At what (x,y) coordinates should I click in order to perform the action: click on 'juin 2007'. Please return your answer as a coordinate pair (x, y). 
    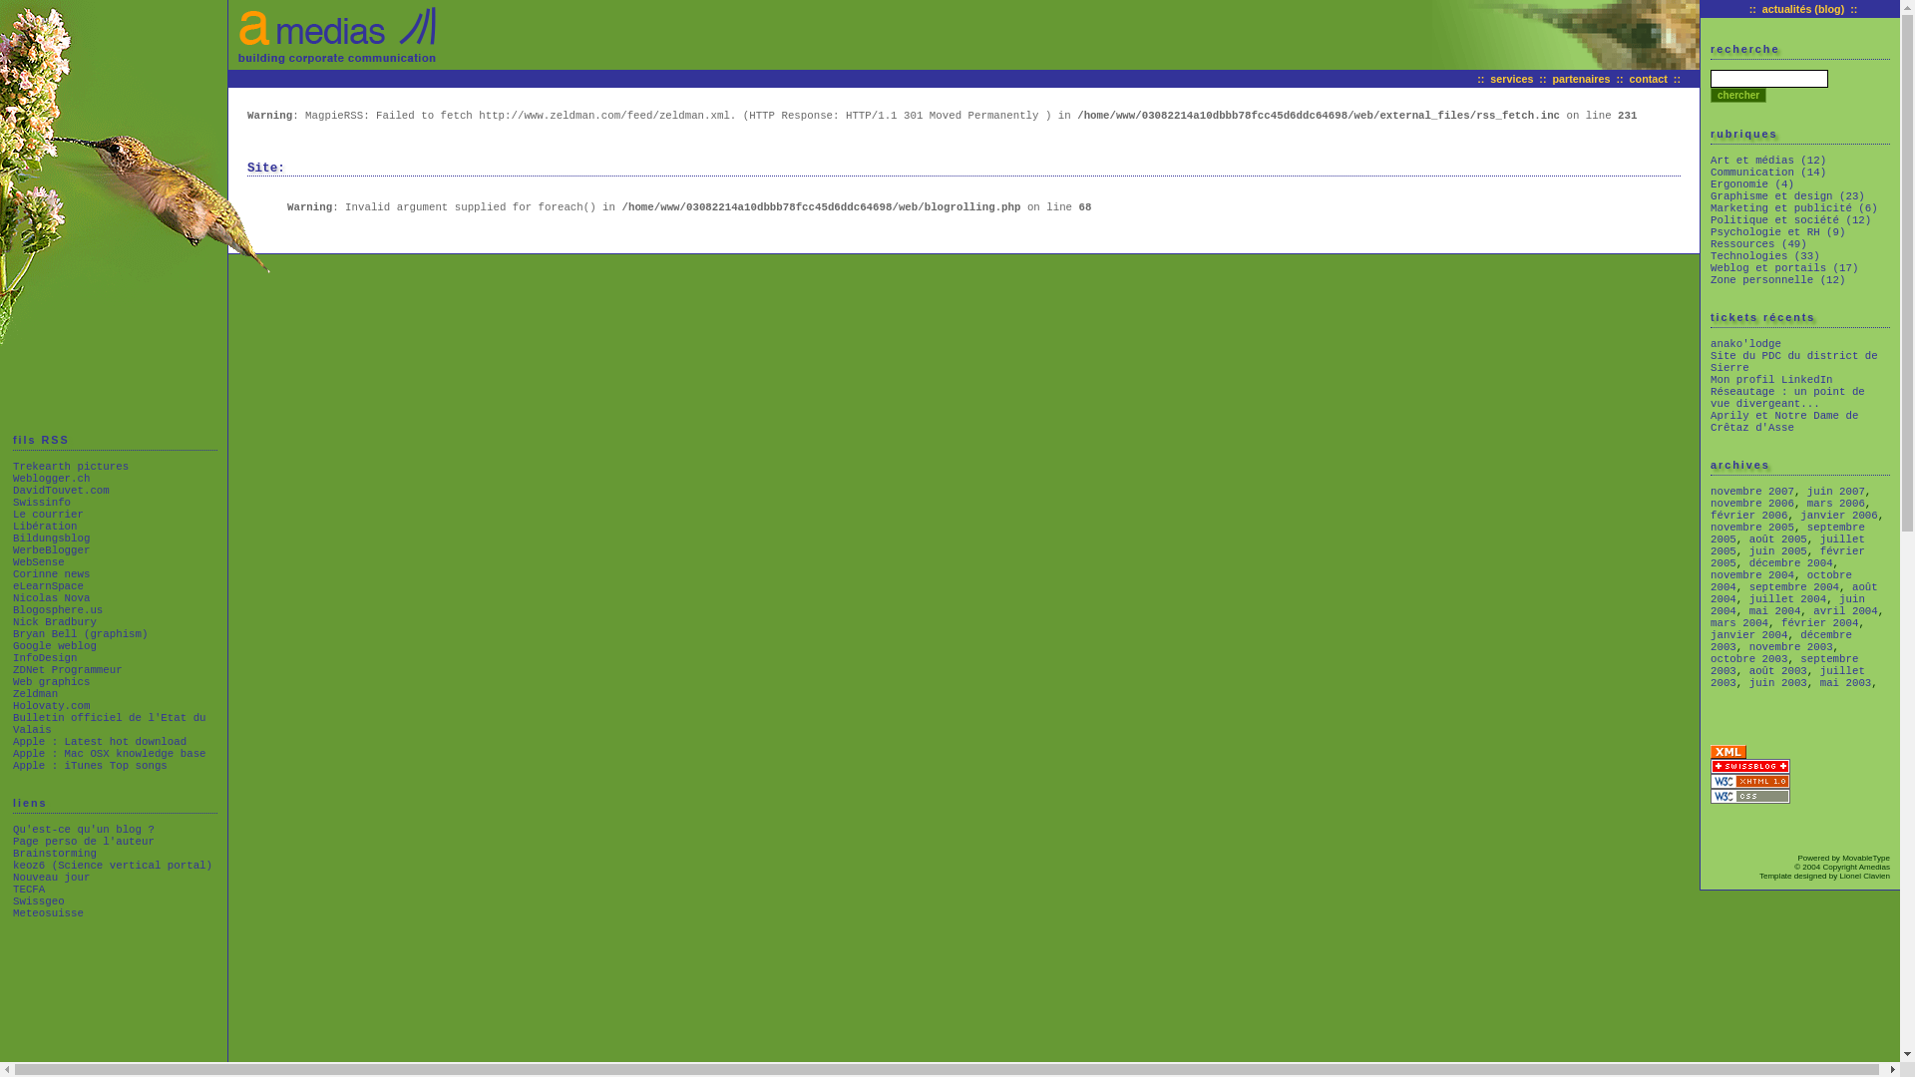
    Looking at the image, I should click on (1835, 492).